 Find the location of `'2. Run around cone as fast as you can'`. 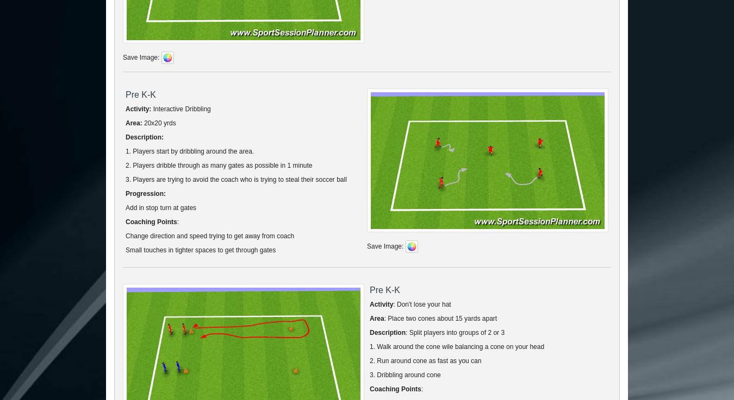

'2. Run around cone as fast as you can' is located at coordinates (425, 360).